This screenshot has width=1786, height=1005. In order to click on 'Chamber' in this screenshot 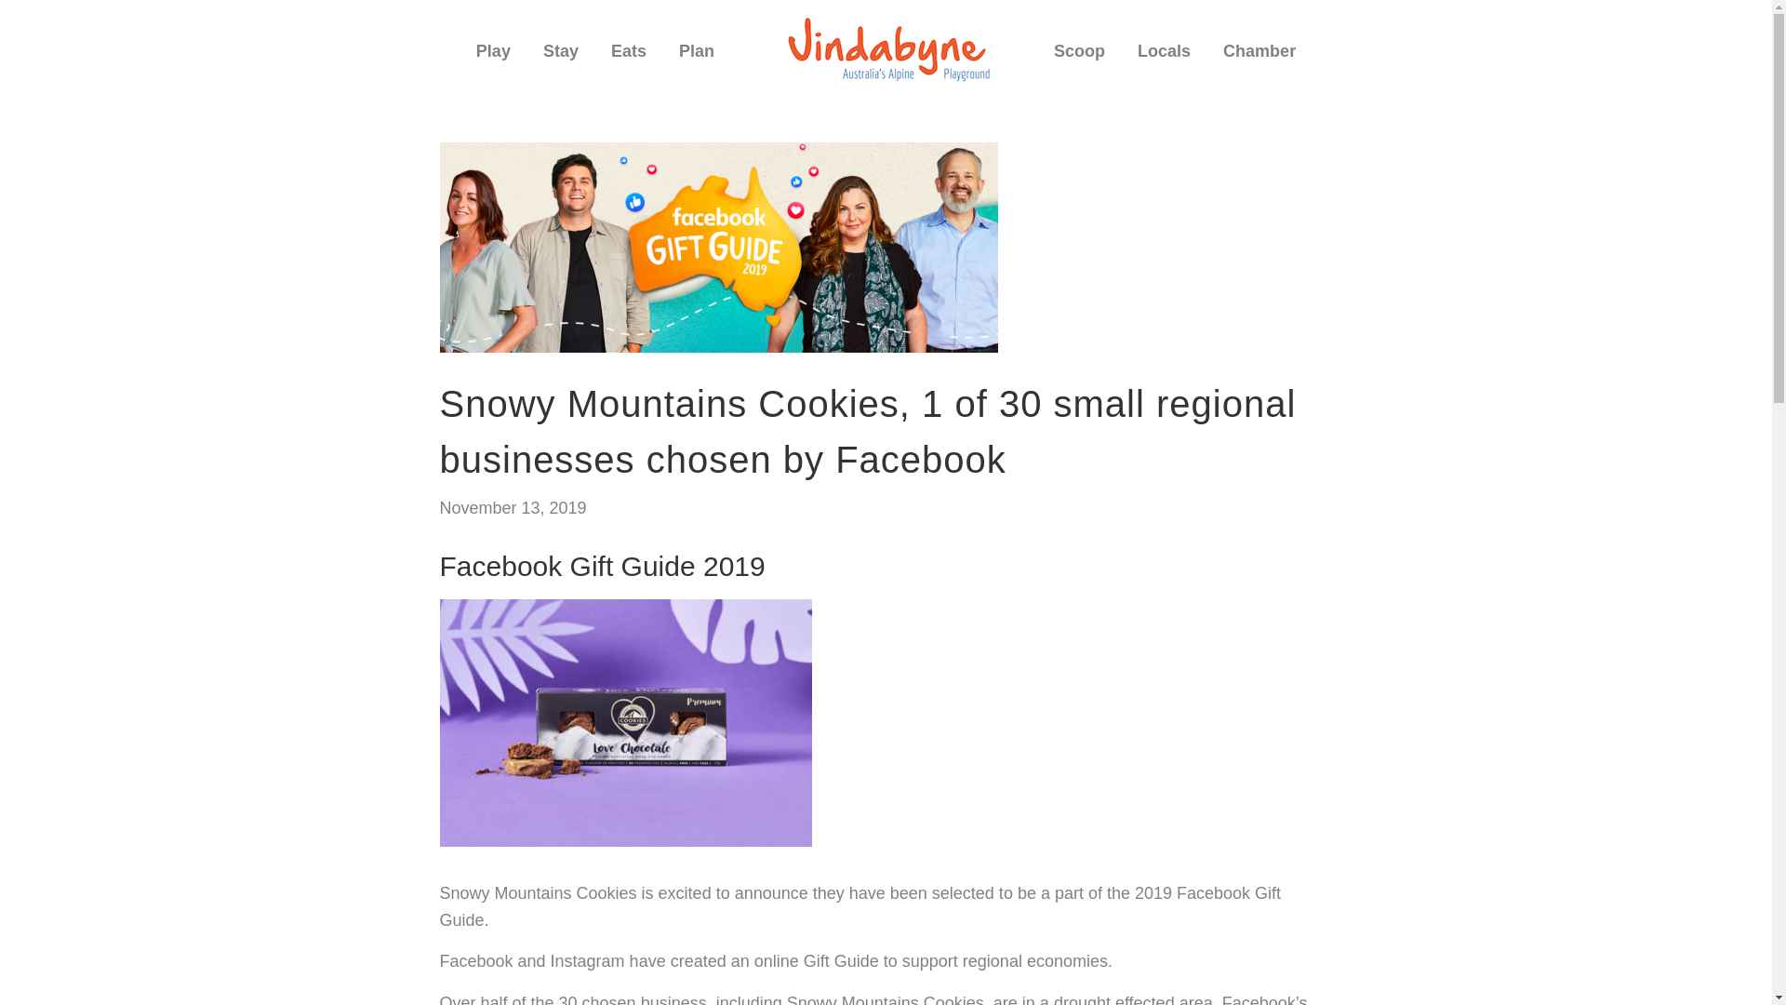, I will do `click(1259, 58)`.